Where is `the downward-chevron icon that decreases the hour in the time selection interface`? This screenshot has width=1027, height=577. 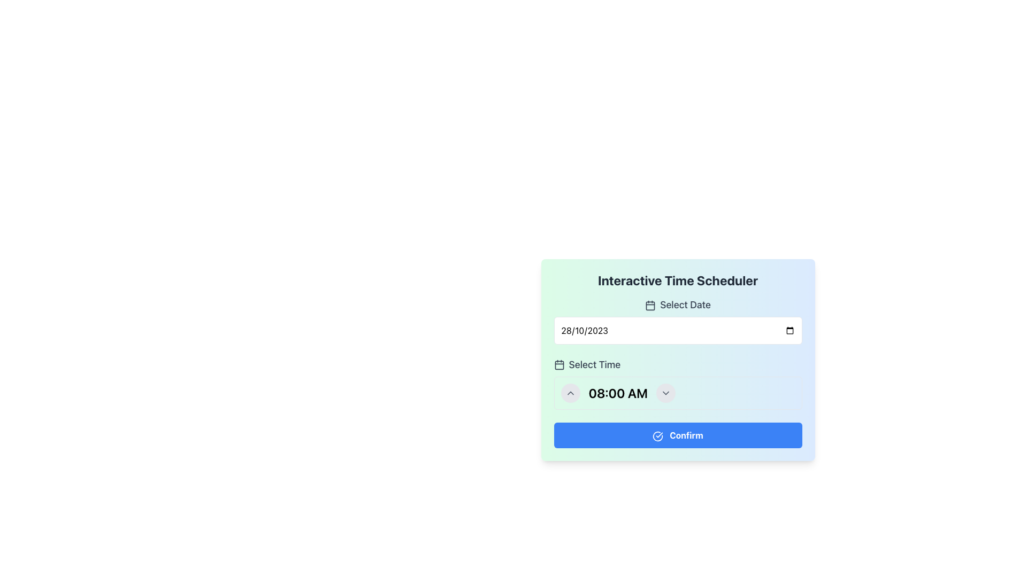 the downward-chevron icon that decreases the hour in the time selection interface is located at coordinates (665, 393).